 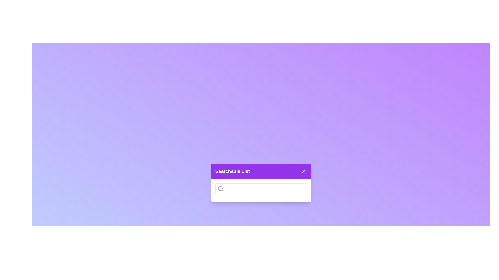 What do you see at coordinates (261, 189) in the screenshot?
I see `the input field and type the search query 'example query'` at bounding box center [261, 189].